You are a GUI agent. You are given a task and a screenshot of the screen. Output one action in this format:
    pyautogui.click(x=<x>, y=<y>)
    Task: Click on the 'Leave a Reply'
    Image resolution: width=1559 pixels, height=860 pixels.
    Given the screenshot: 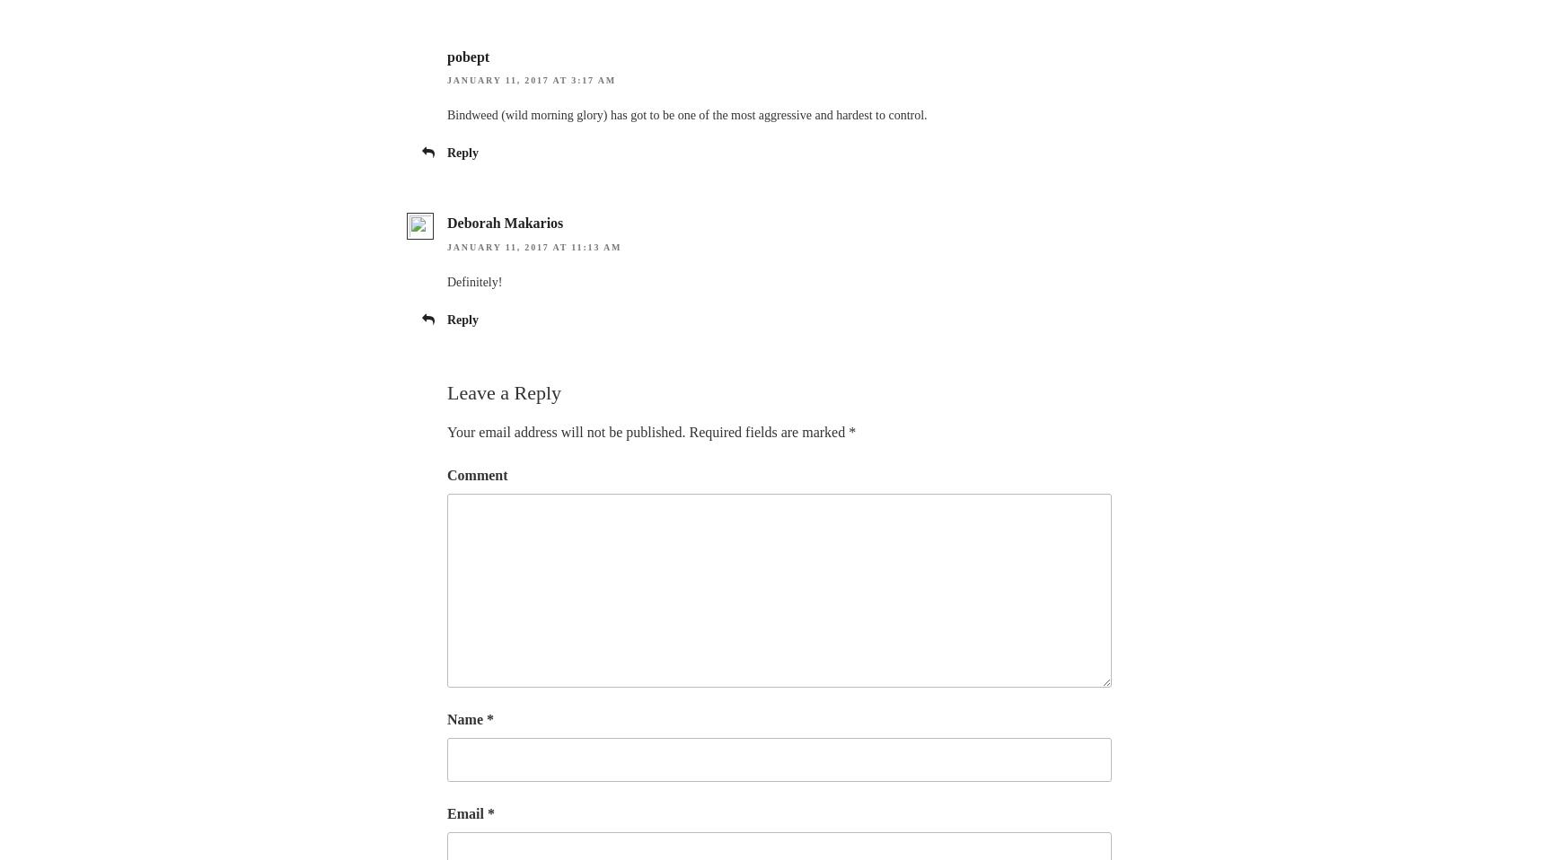 What is the action you would take?
    pyautogui.click(x=504, y=391)
    